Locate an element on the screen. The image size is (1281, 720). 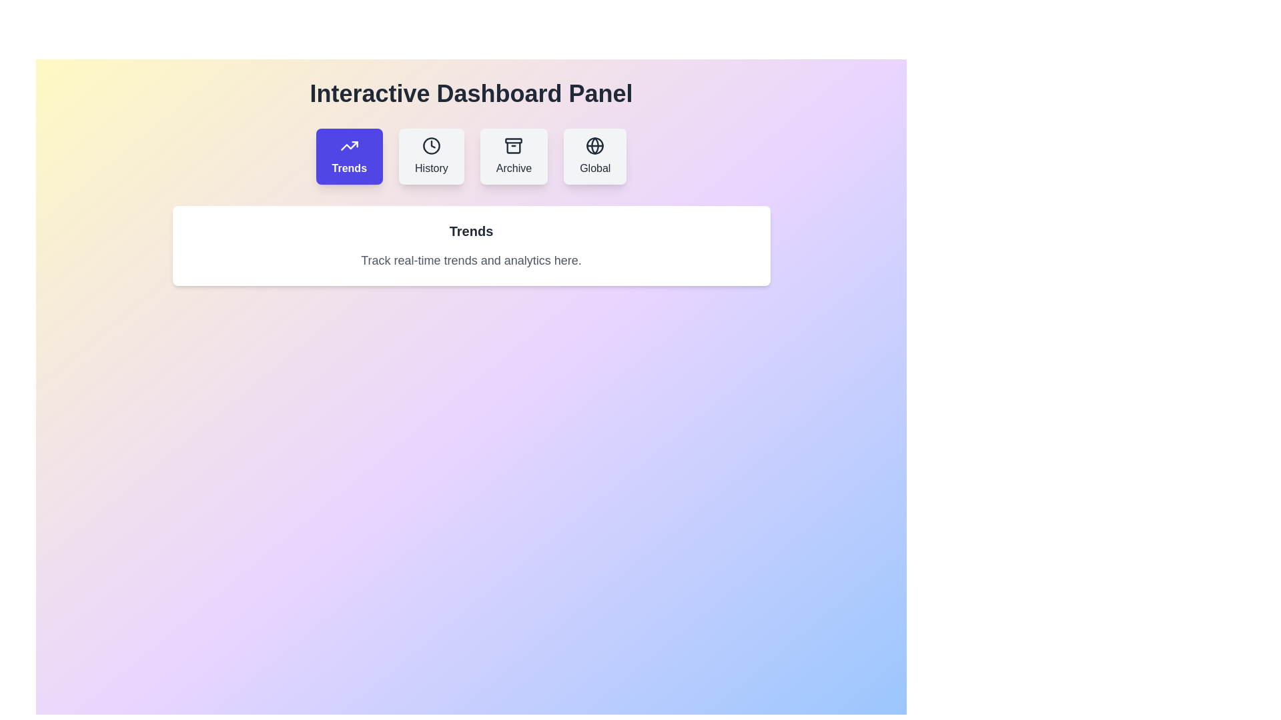
the Global tab to view its content is located at coordinates (594, 156).